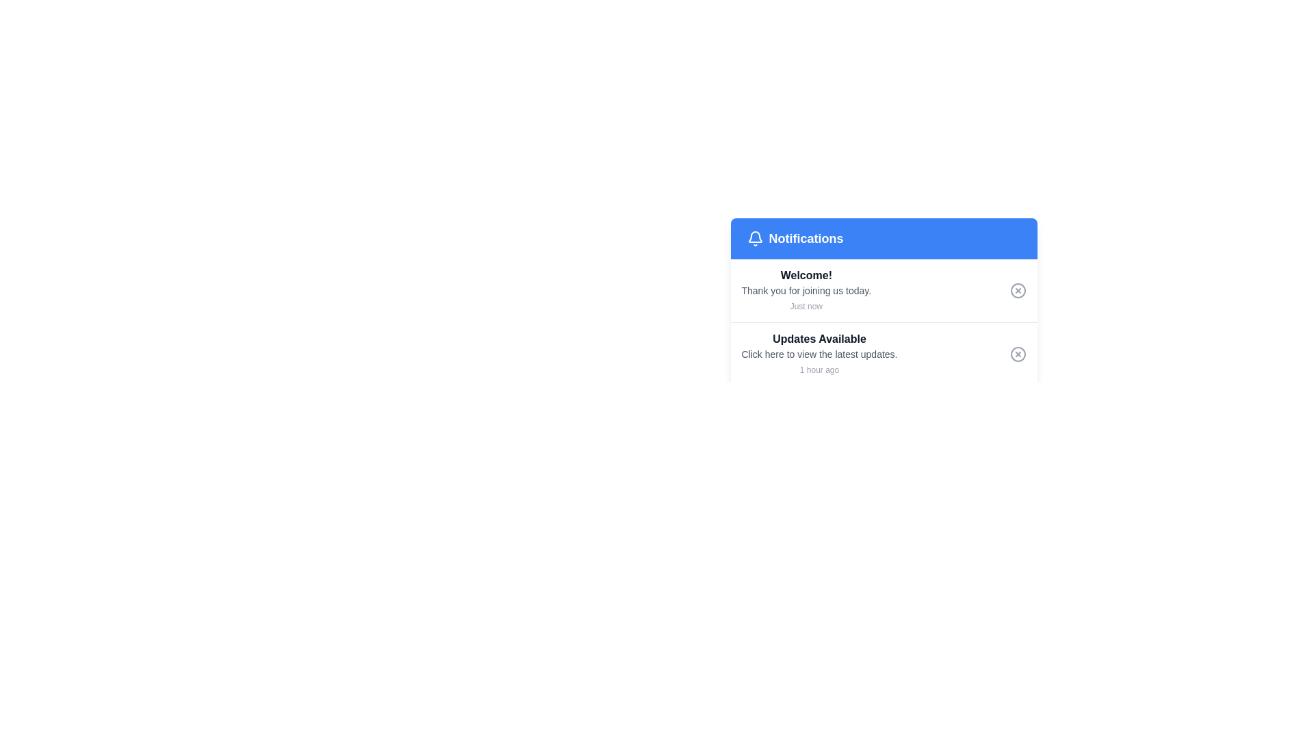  What do you see at coordinates (1018, 289) in the screenshot?
I see `the circular icon with a centered cross inside it, located on the right side of the 'Welcome!' text in the notifications display` at bounding box center [1018, 289].